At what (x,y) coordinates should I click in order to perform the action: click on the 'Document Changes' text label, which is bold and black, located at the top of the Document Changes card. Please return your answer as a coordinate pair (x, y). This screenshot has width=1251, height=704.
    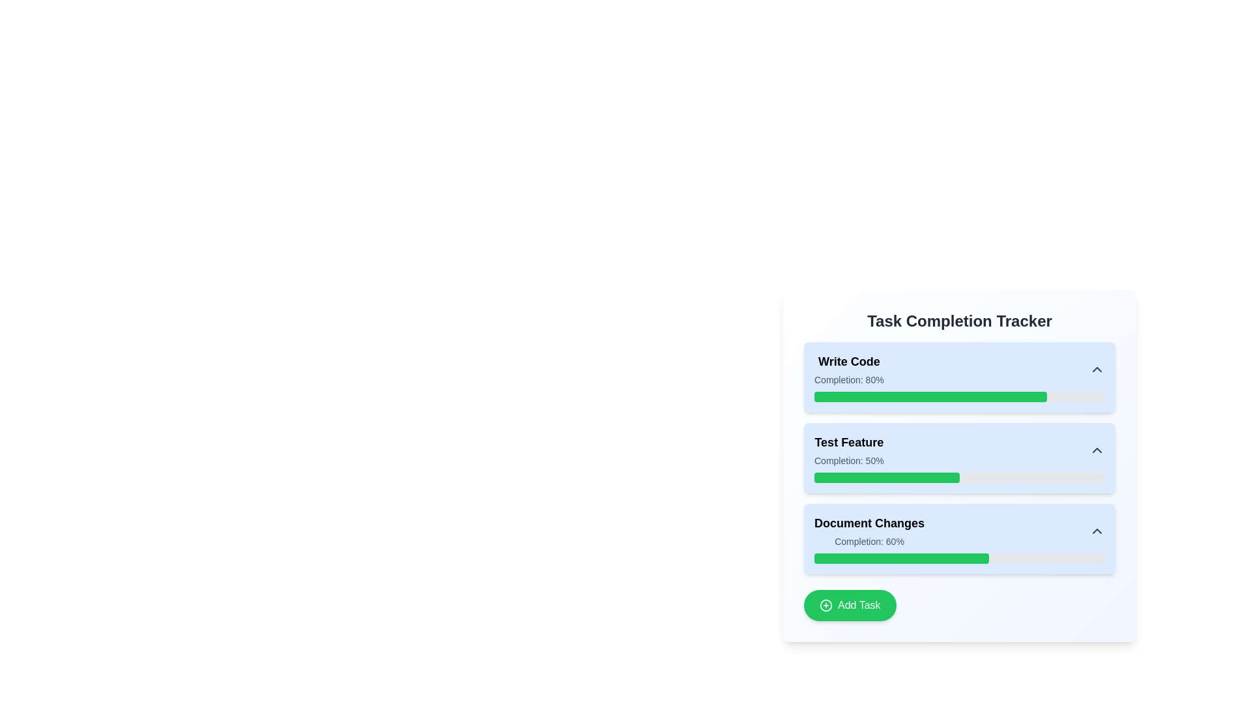
    Looking at the image, I should click on (869, 522).